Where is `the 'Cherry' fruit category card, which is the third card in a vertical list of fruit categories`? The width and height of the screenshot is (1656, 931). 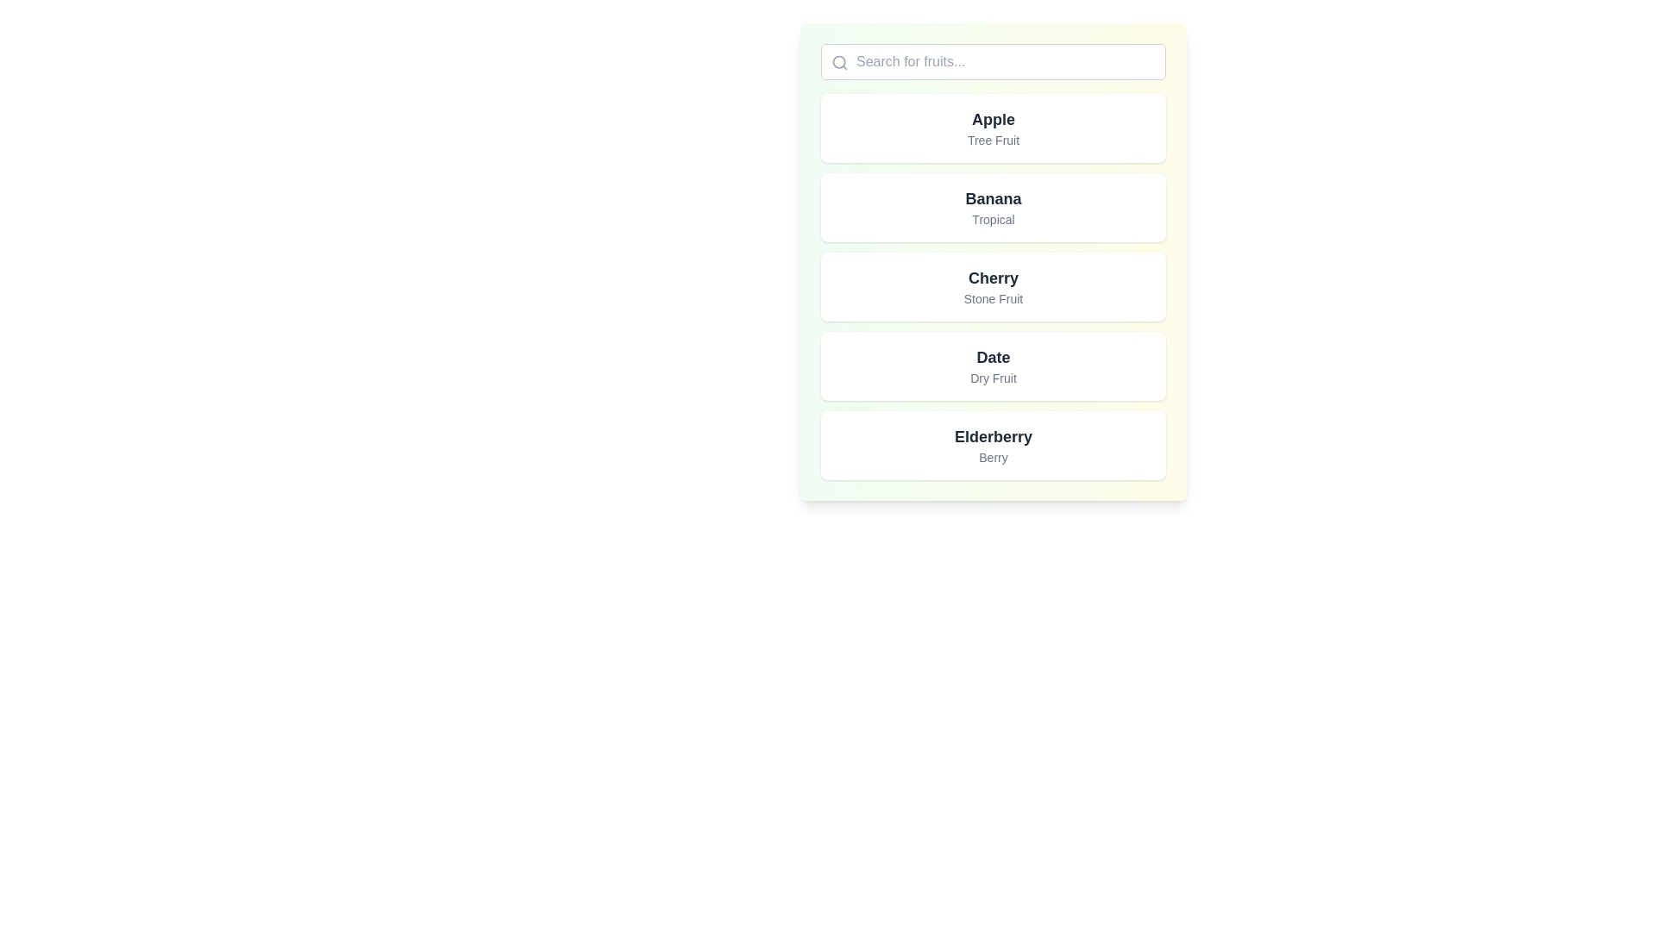 the 'Cherry' fruit category card, which is the third card in a vertical list of fruit categories is located at coordinates (994, 285).